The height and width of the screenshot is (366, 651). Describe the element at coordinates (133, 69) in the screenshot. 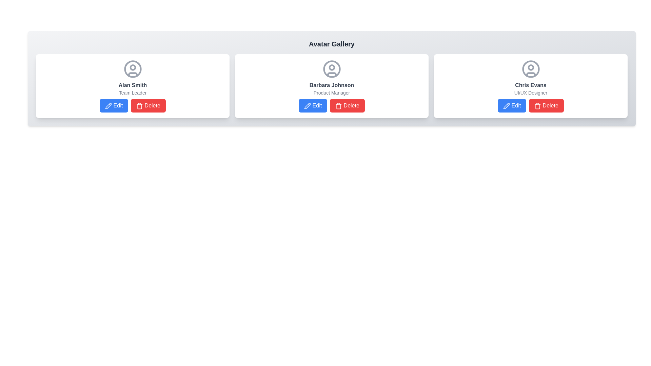

I see `the circular graphic element with a gray outline that is part of the avatar icon for user 'Alan Smith', located at the center upper portion of the card` at that location.